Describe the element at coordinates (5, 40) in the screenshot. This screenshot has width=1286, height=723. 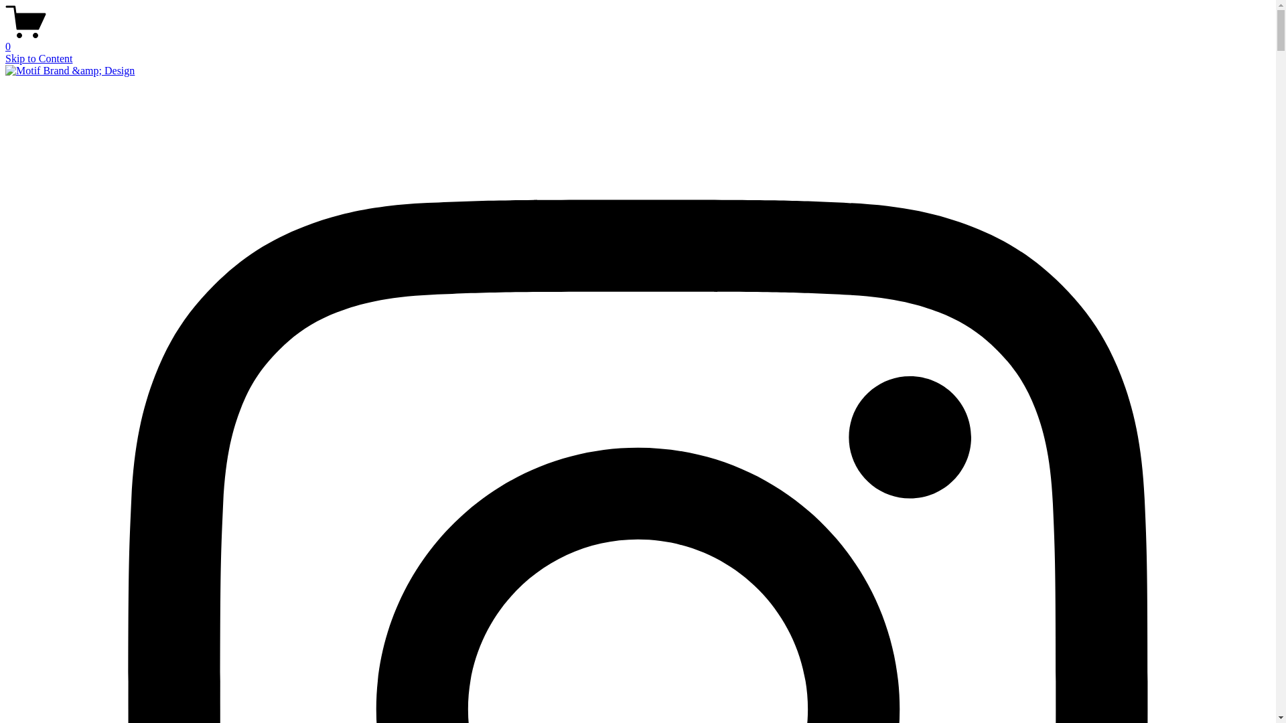
I see `'0'` at that location.